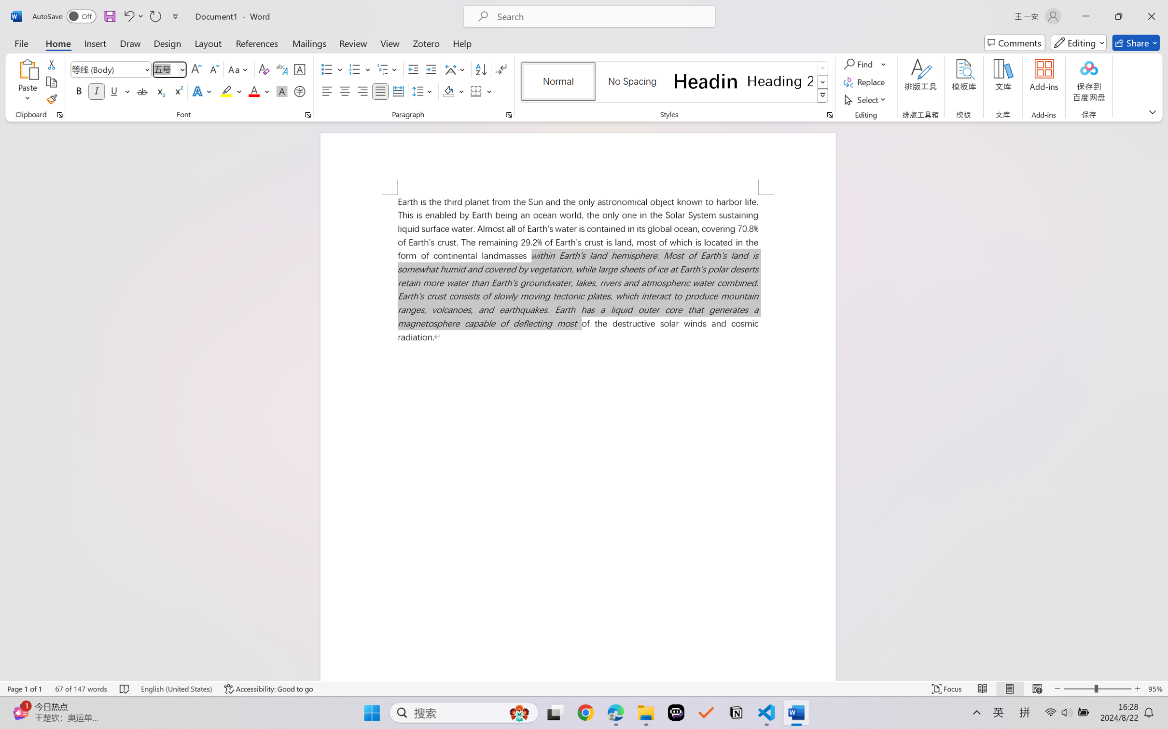 This screenshot has height=729, width=1168. I want to click on 'Undo Italic', so click(128, 16).